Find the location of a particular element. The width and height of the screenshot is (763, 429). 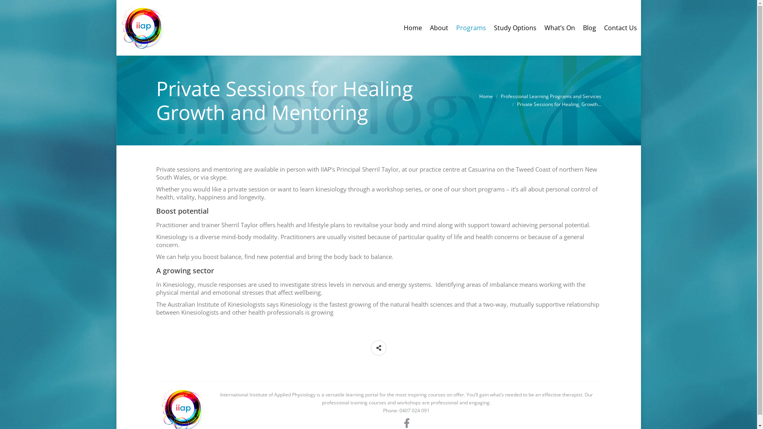

'Contact Us' is located at coordinates (620, 27).